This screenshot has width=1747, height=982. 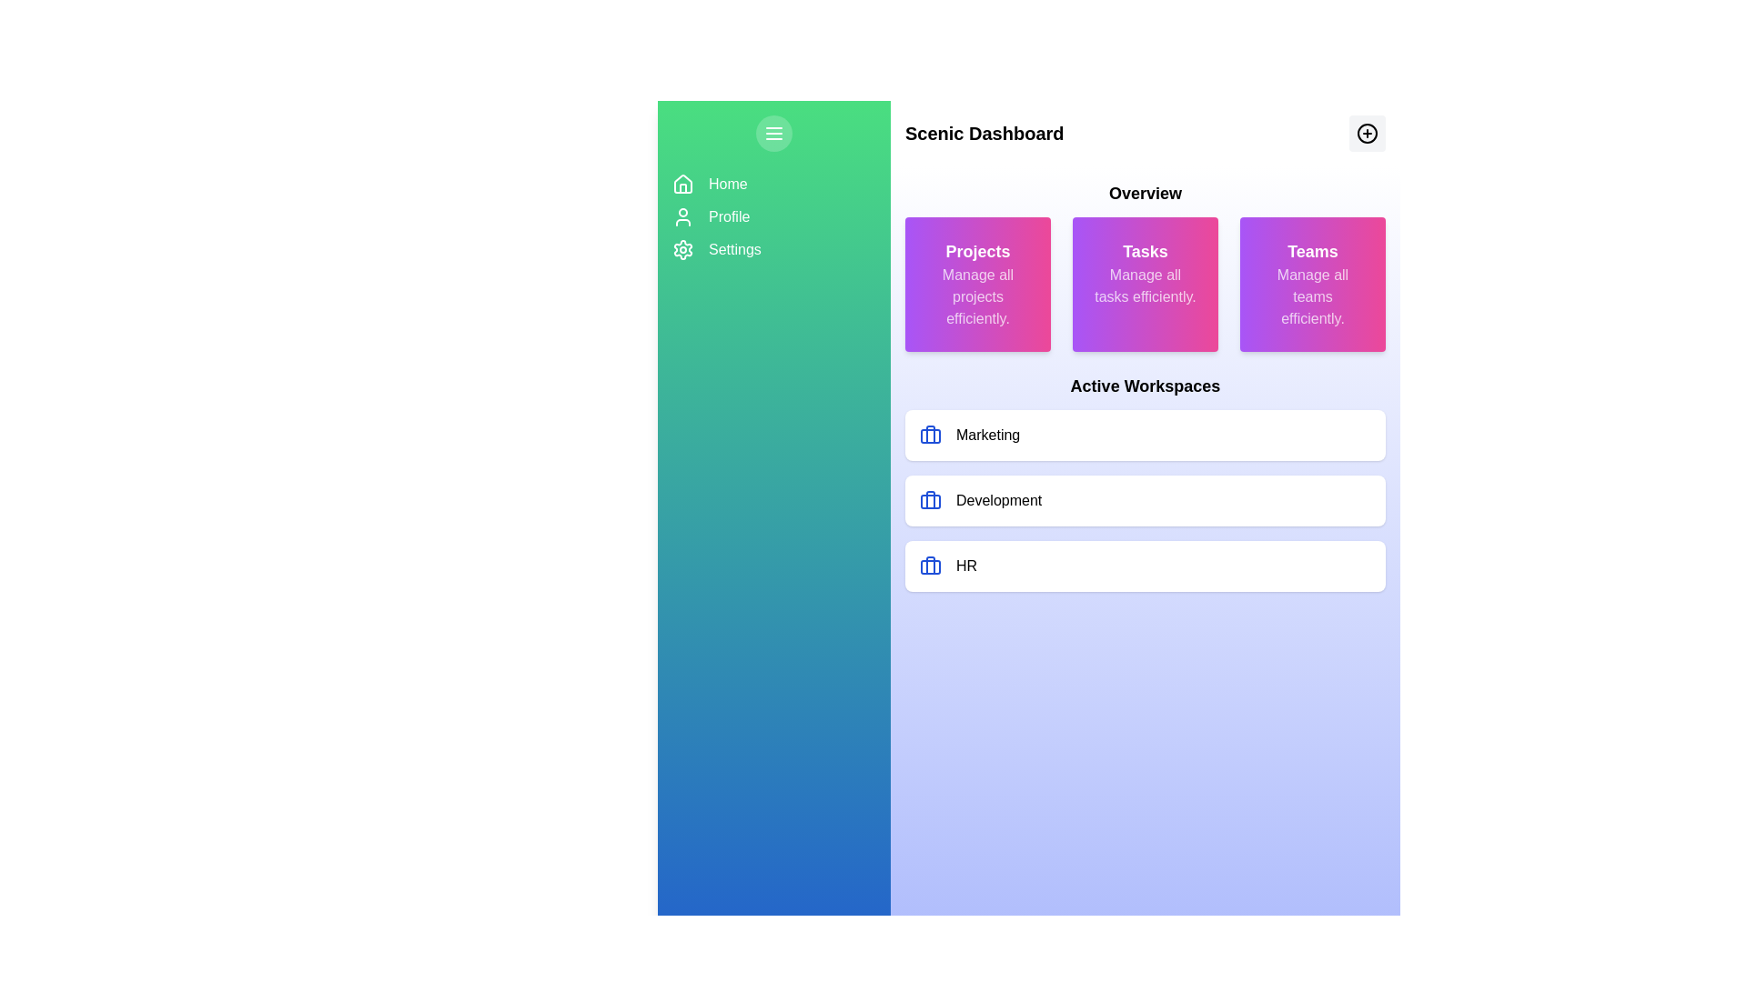 What do you see at coordinates (682, 216) in the screenshot?
I see `the user profile icon, which is a minimalistic vector illustration of a person, located in the second item of the vertical navigation menu` at bounding box center [682, 216].